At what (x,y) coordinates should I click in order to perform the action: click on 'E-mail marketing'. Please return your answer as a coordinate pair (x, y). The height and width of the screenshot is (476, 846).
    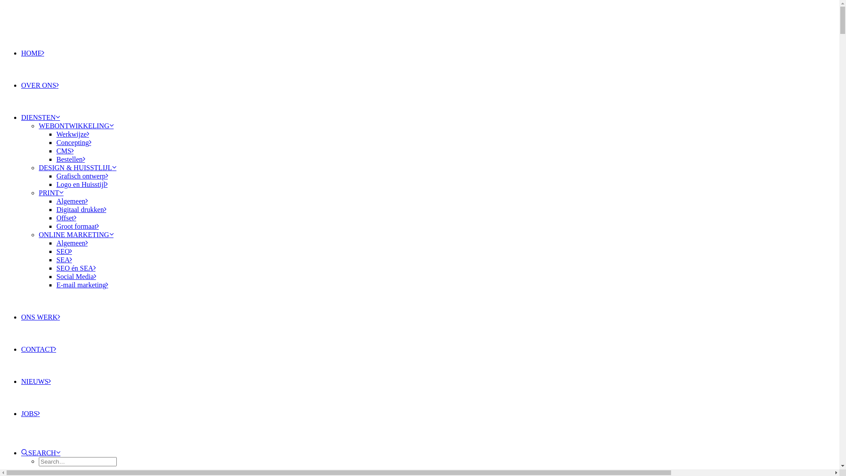
    Looking at the image, I should click on (82, 285).